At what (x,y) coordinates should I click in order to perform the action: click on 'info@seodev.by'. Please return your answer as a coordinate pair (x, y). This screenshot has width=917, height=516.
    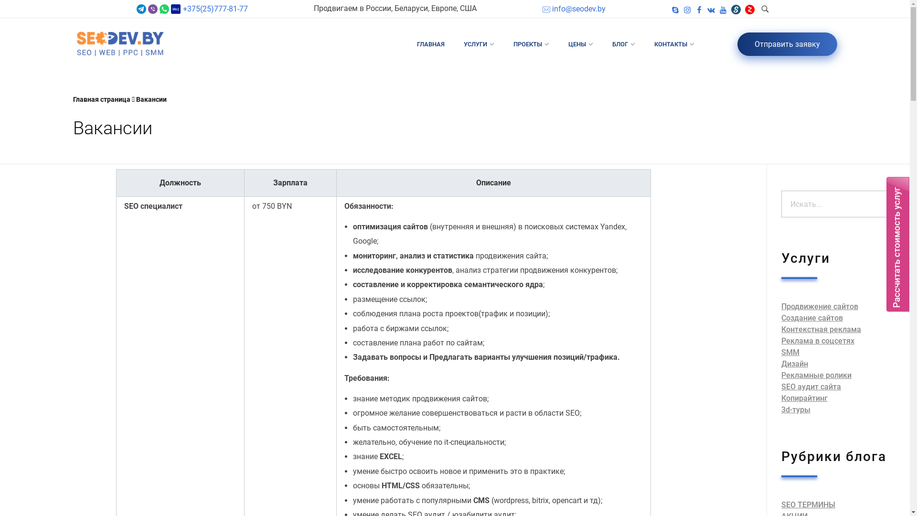
    Looking at the image, I should click on (573, 9).